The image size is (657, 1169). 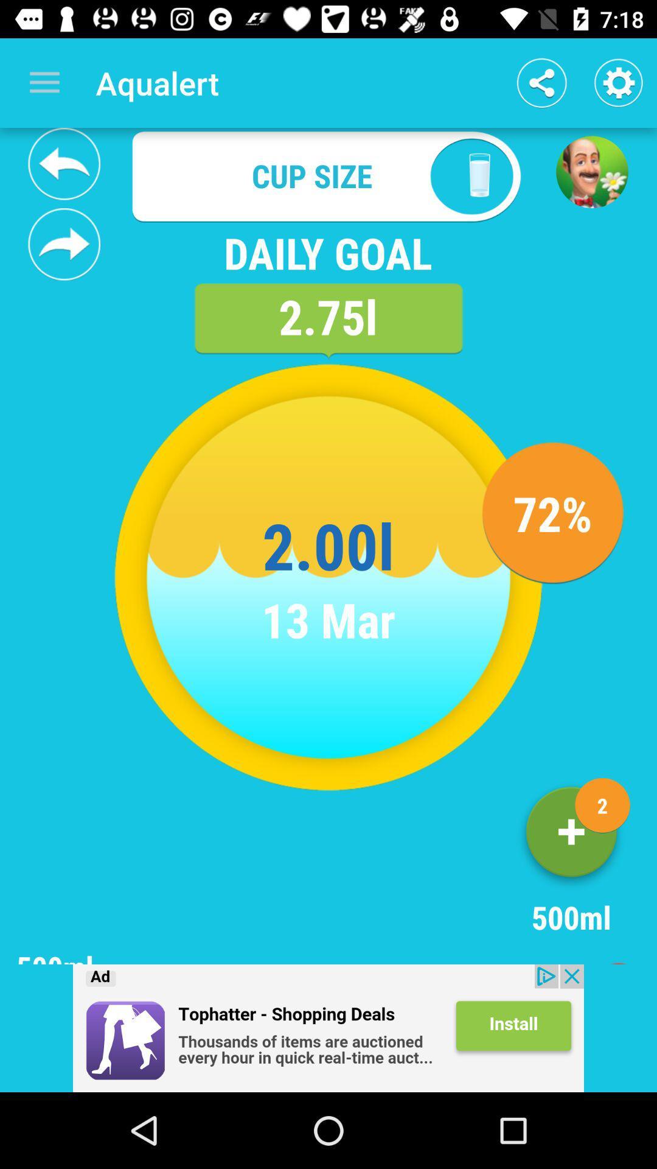 What do you see at coordinates (591, 171) in the screenshot?
I see `a game` at bounding box center [591, 171].